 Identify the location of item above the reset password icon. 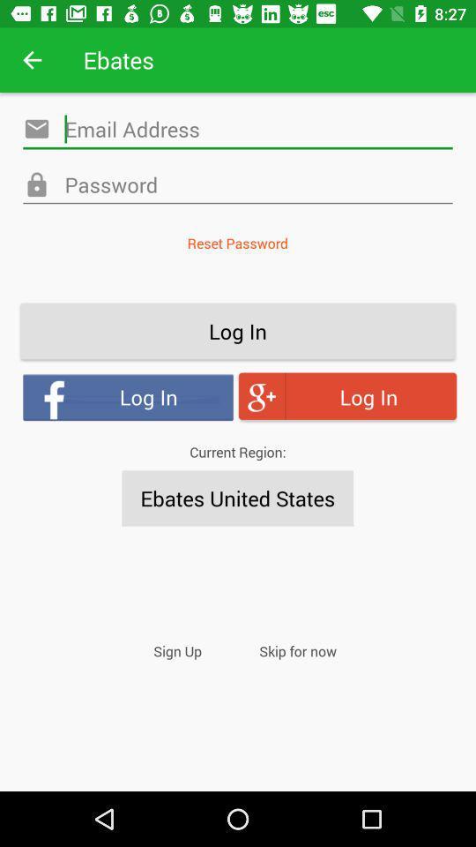
(238, 185).